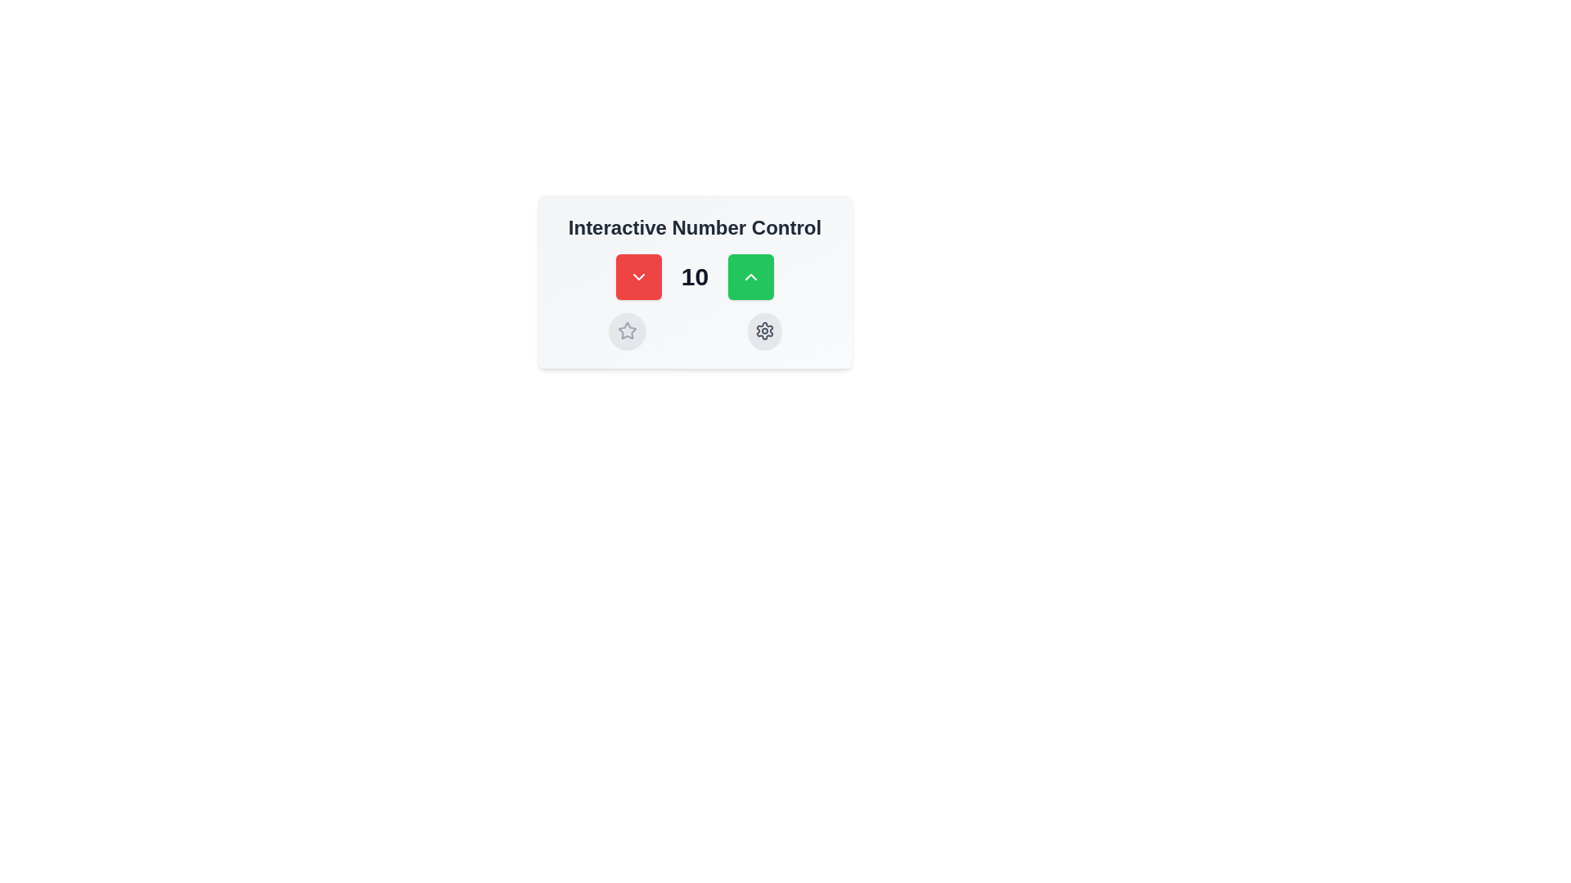 Image resolution: width=1571 pixels, height=883 pixels. I want to click on the green button with an upward-pointing arrow icon located in the 'Interactive Number Control' section, positioned to the right of the number '10', so click(750, 276).